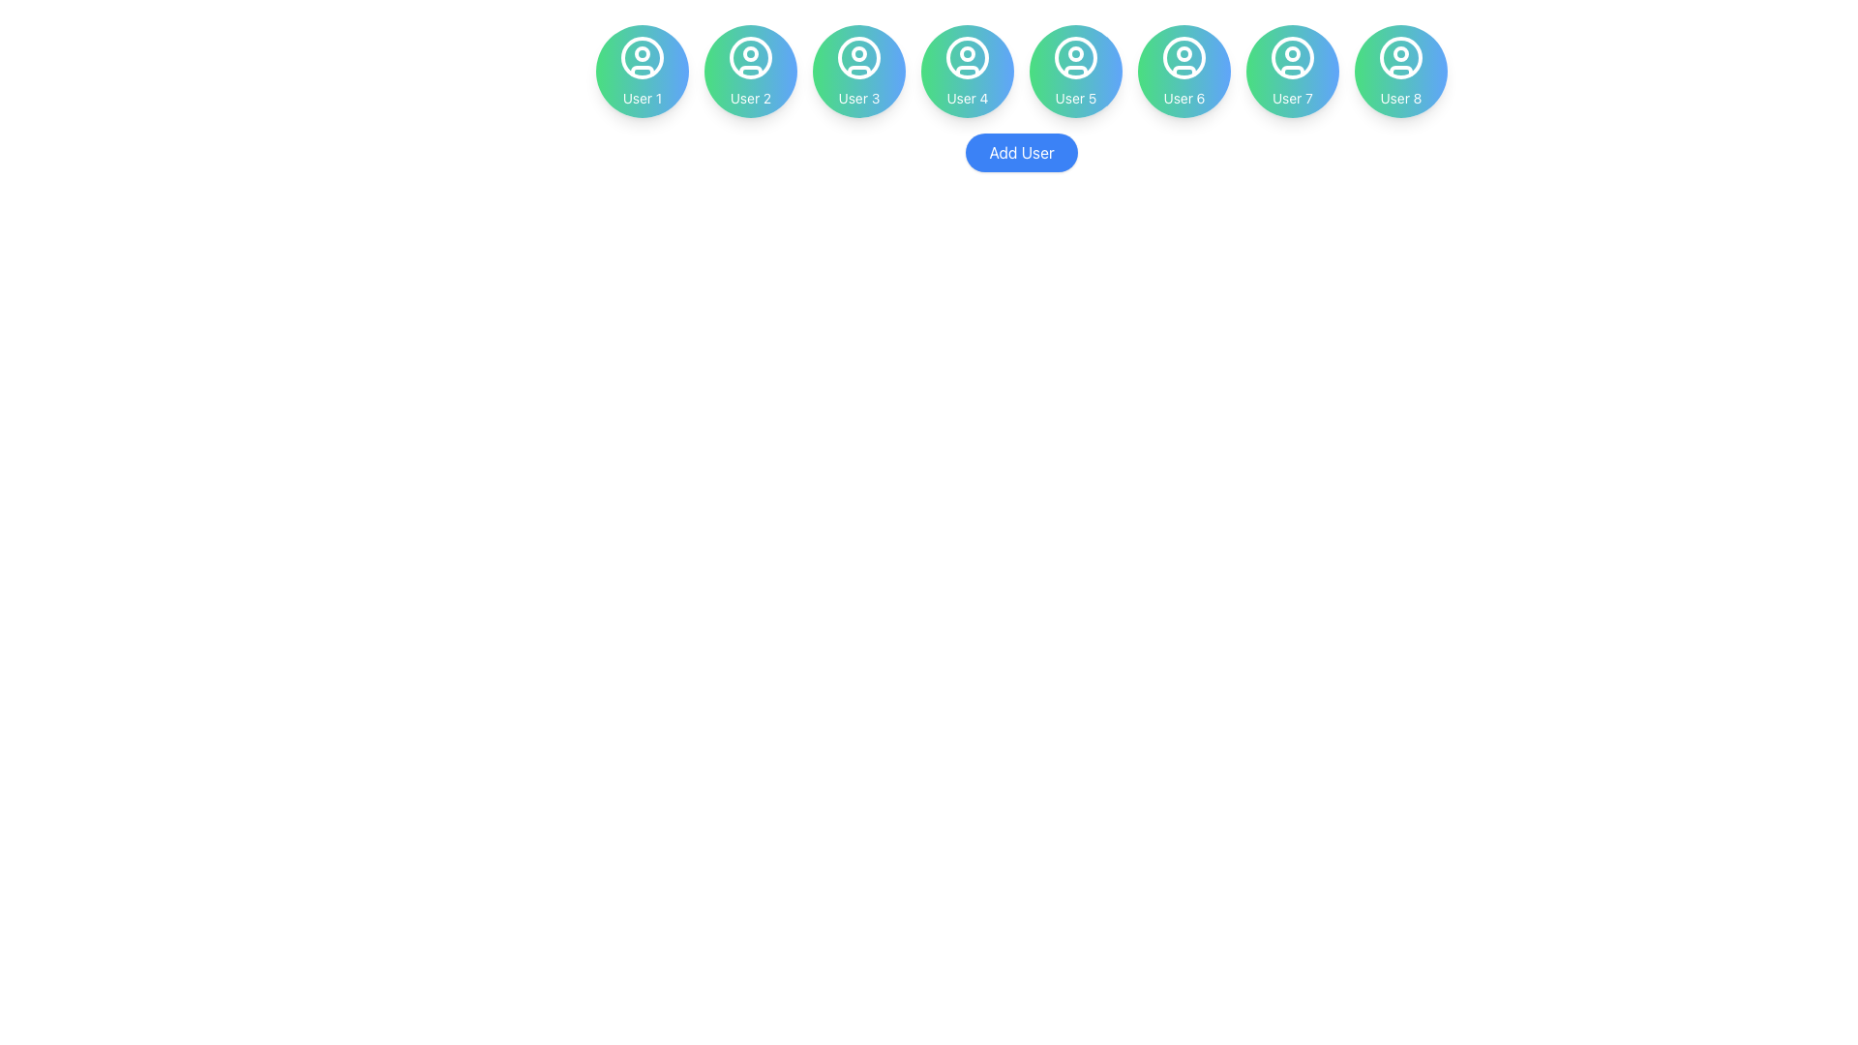 This screenshot has width=1858, height=1045. What do you see at coordinates (1075, 70) in the screenshot?
I see `the List Item representing 'User 5'` at bounding box center [1075, 70].